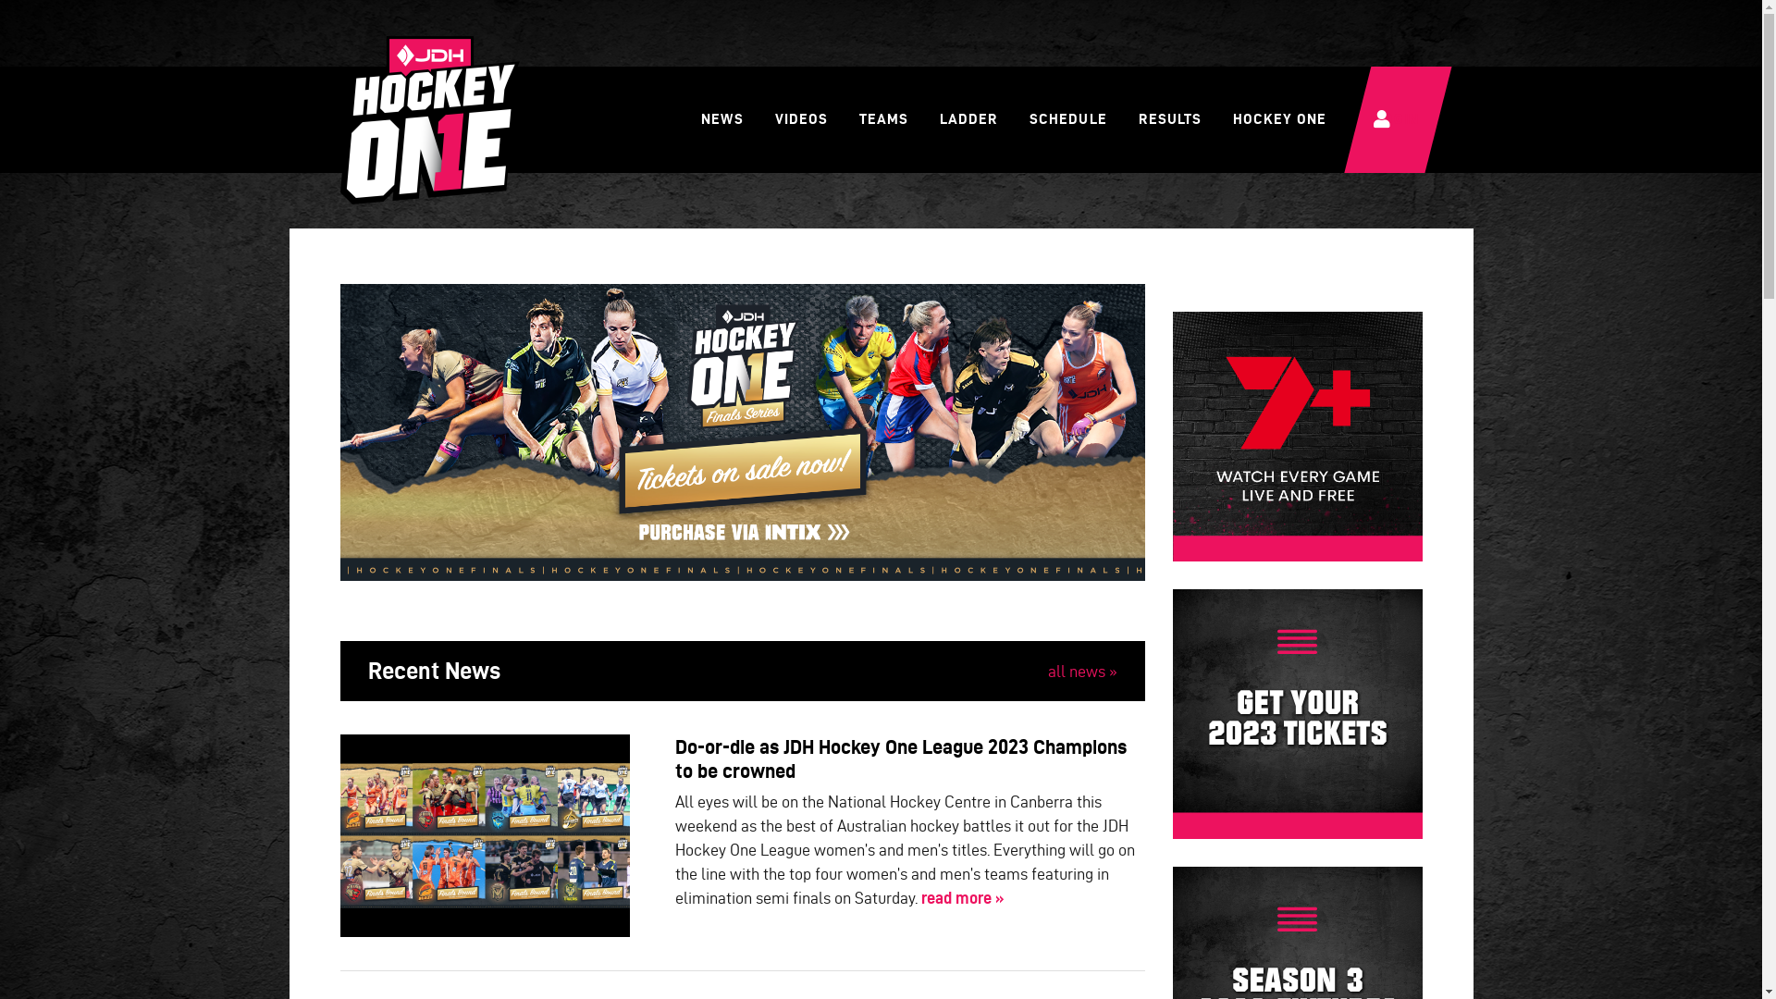 Image resolution: width=1776 pixels, height=999 pixels. What do you see at coordinates (1169, 119) in the screenshot?
I see `'RESULTS'` at bounding box center [1169, 119].